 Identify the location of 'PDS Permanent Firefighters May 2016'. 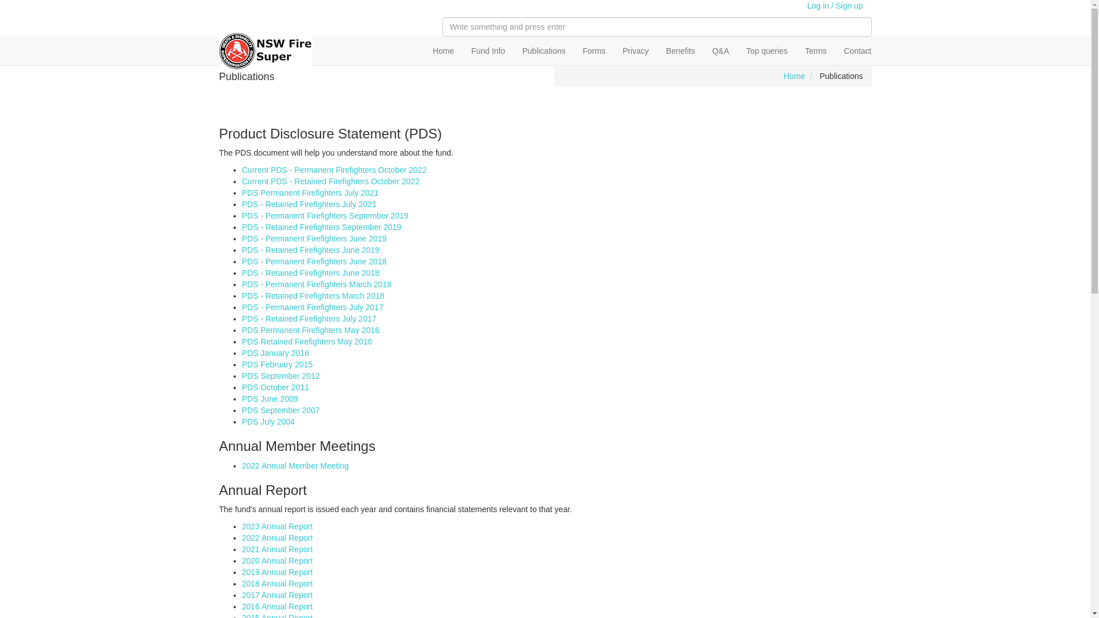
(310, 330).